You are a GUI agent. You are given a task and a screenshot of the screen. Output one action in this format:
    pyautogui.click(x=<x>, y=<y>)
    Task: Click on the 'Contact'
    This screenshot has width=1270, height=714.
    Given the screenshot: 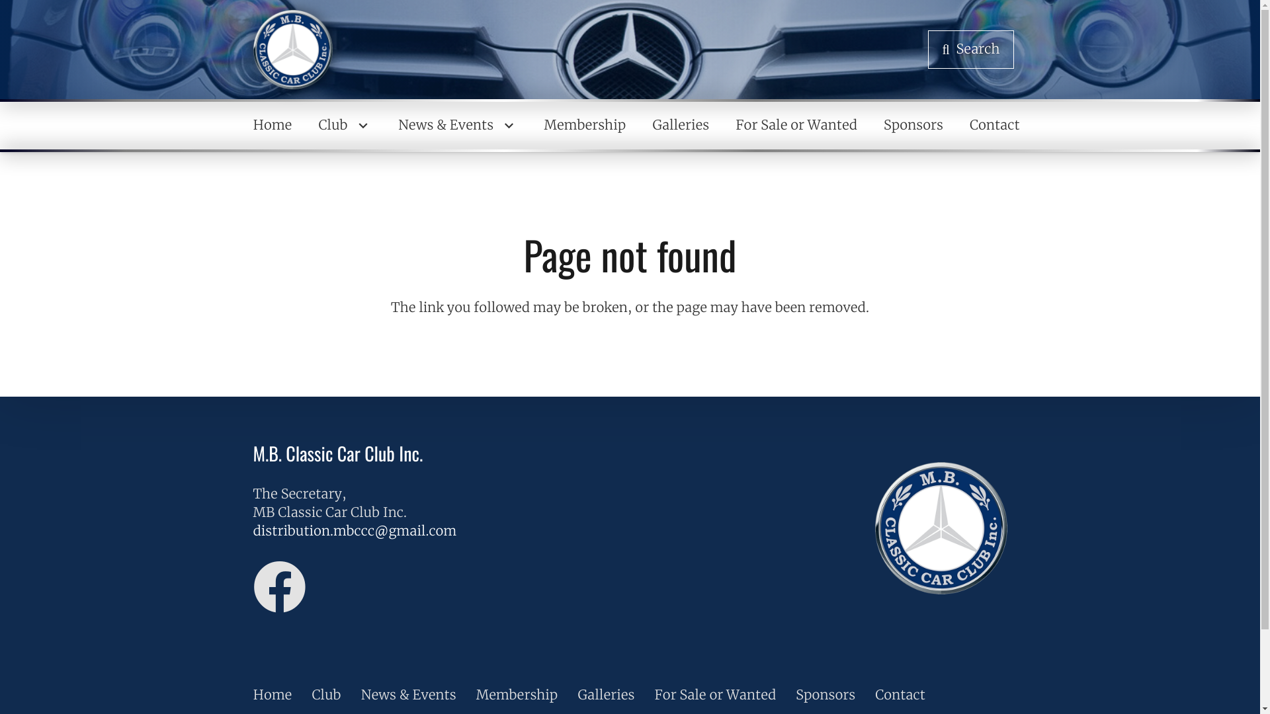 What is the action you would take?
    pyautogui.click(x=875, y=694)
    